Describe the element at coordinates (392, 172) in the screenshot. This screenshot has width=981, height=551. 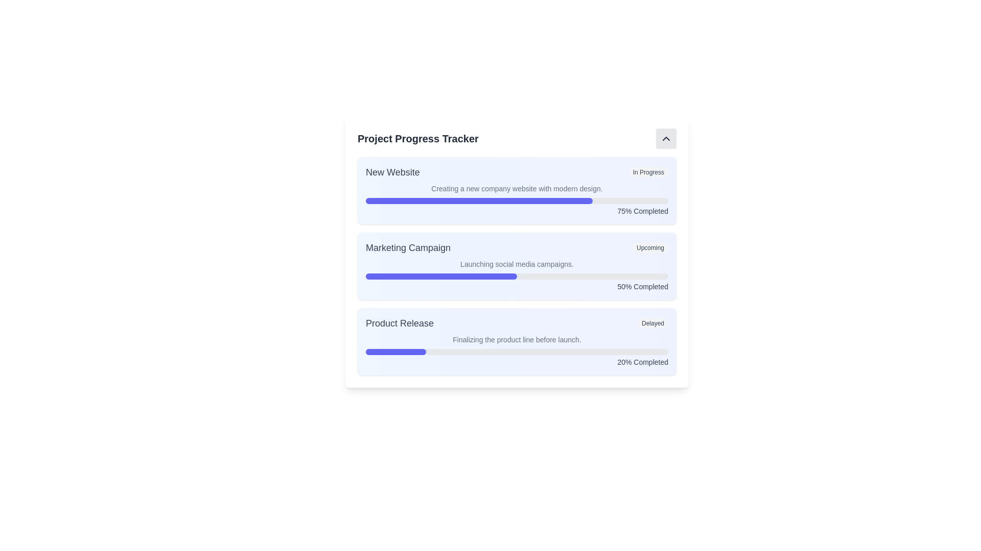
I see `the 'New Website' text label, which is styled in bold gray font within a light blue card-like interface` at that location.